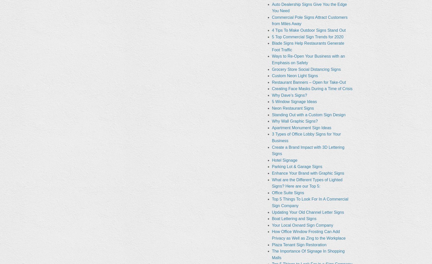 Image resolution: width=432 pixels, height=264 pixels. Describe the element at coordinates (307, 183) in the screenshot. I see `'What are the Different Types of Lighted Signs? Here are our Top 5:'` at that location.